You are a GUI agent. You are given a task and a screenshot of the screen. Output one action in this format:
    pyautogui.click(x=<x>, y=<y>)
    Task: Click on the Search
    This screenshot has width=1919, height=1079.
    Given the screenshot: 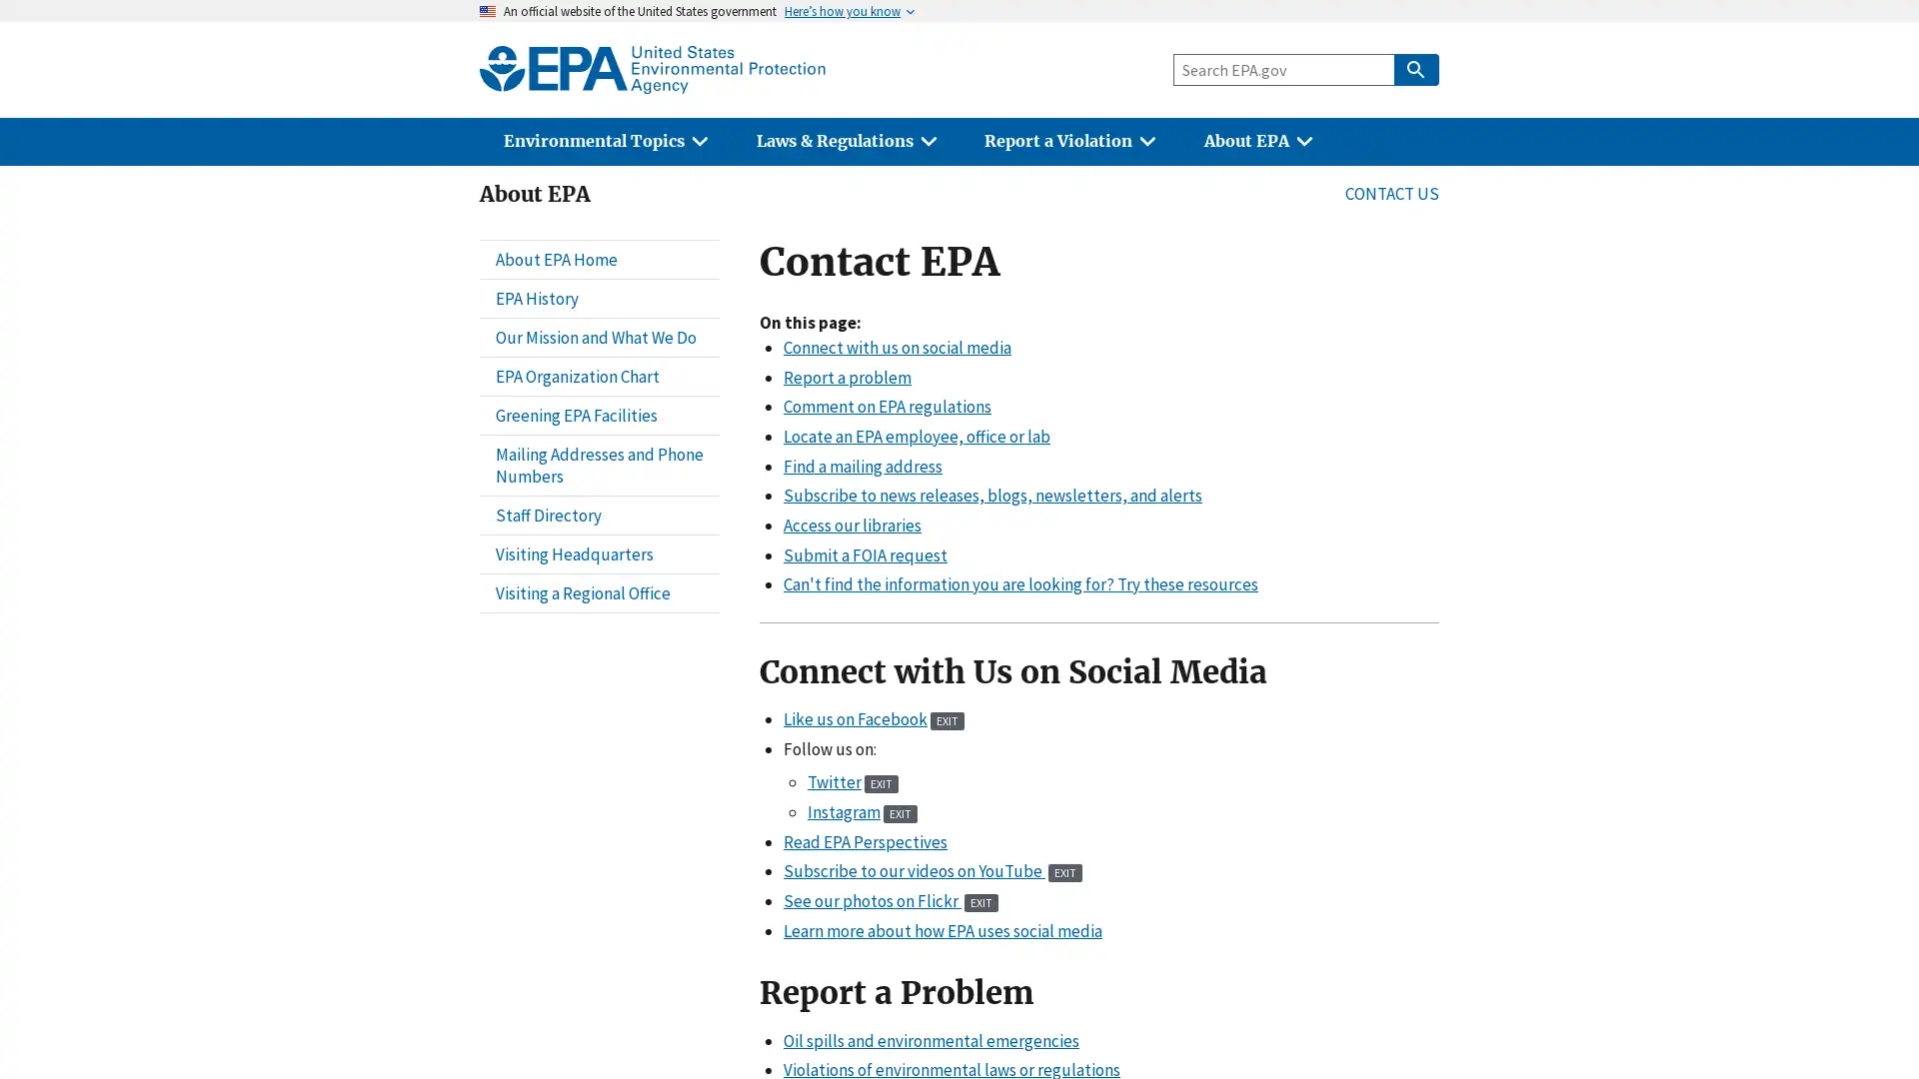 What is the action you would take?
    pyautogui.click(x=1414, y=68)
    